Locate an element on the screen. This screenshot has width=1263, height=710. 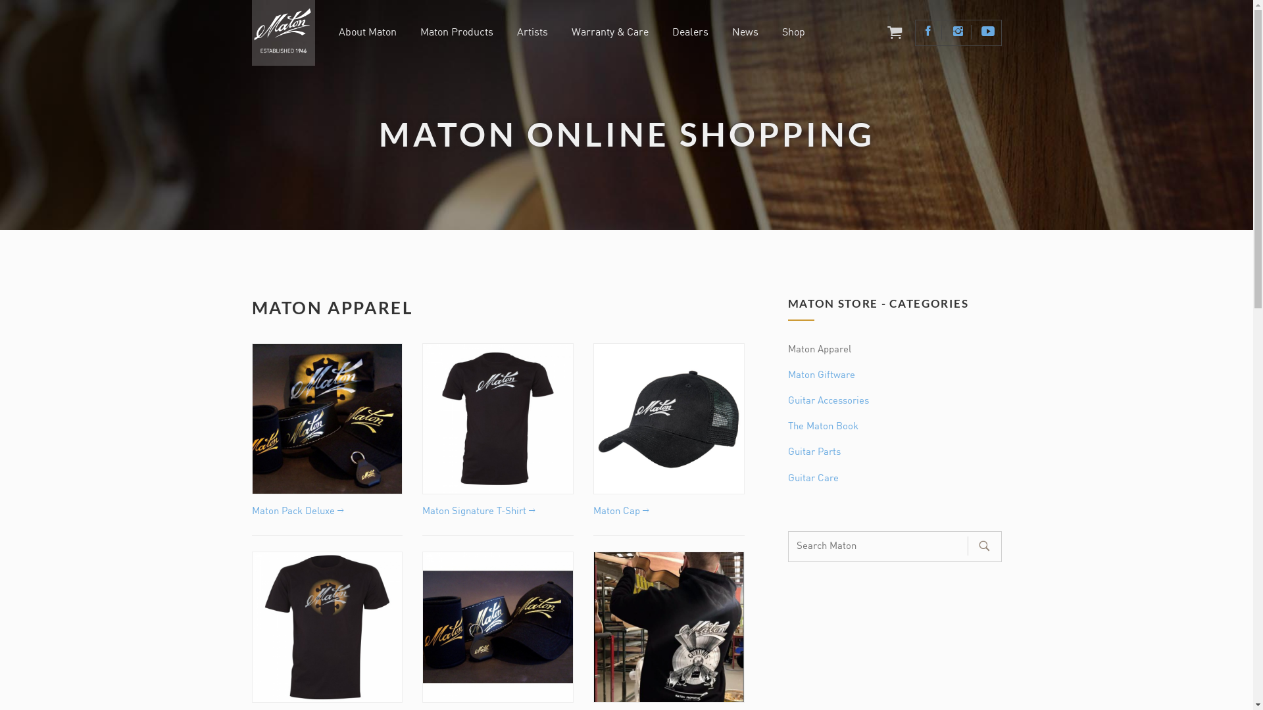
'Shop' is located at coordinates (782, 33).